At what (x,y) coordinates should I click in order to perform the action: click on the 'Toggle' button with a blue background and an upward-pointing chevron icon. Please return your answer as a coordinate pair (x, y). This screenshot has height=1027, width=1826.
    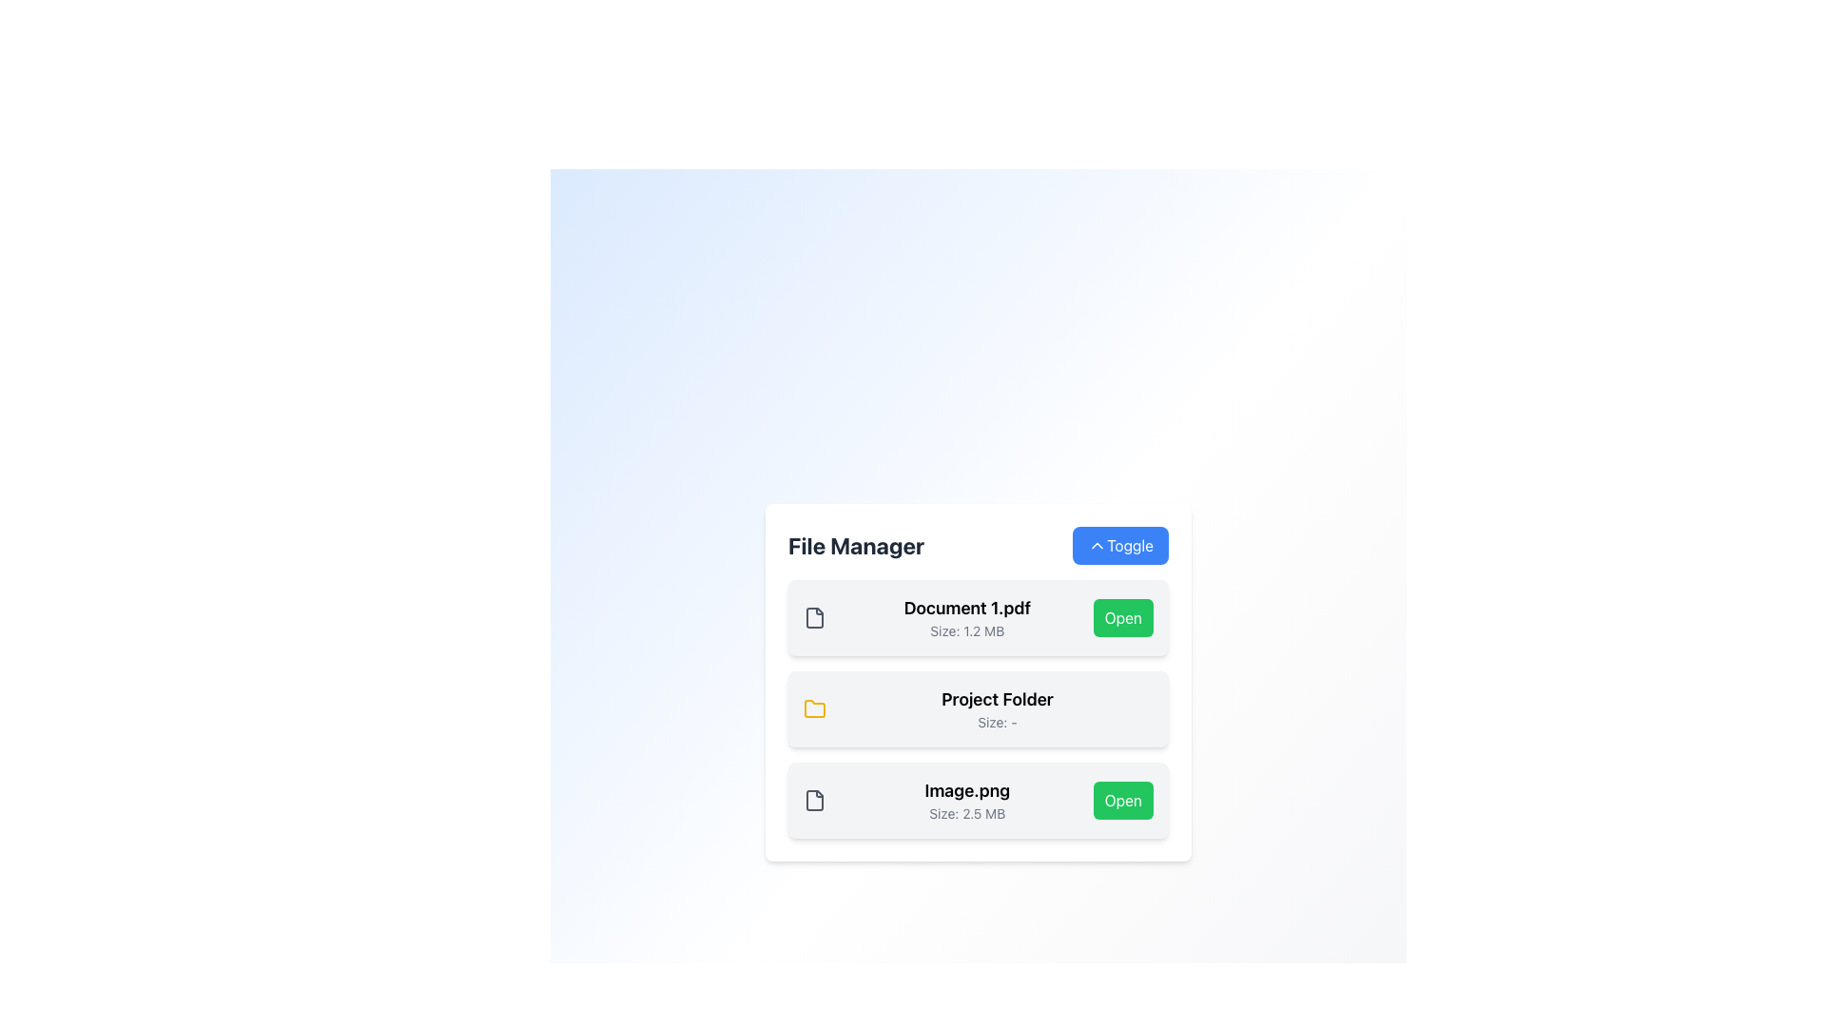
    Looking at the image, I should click on (1120, 546).